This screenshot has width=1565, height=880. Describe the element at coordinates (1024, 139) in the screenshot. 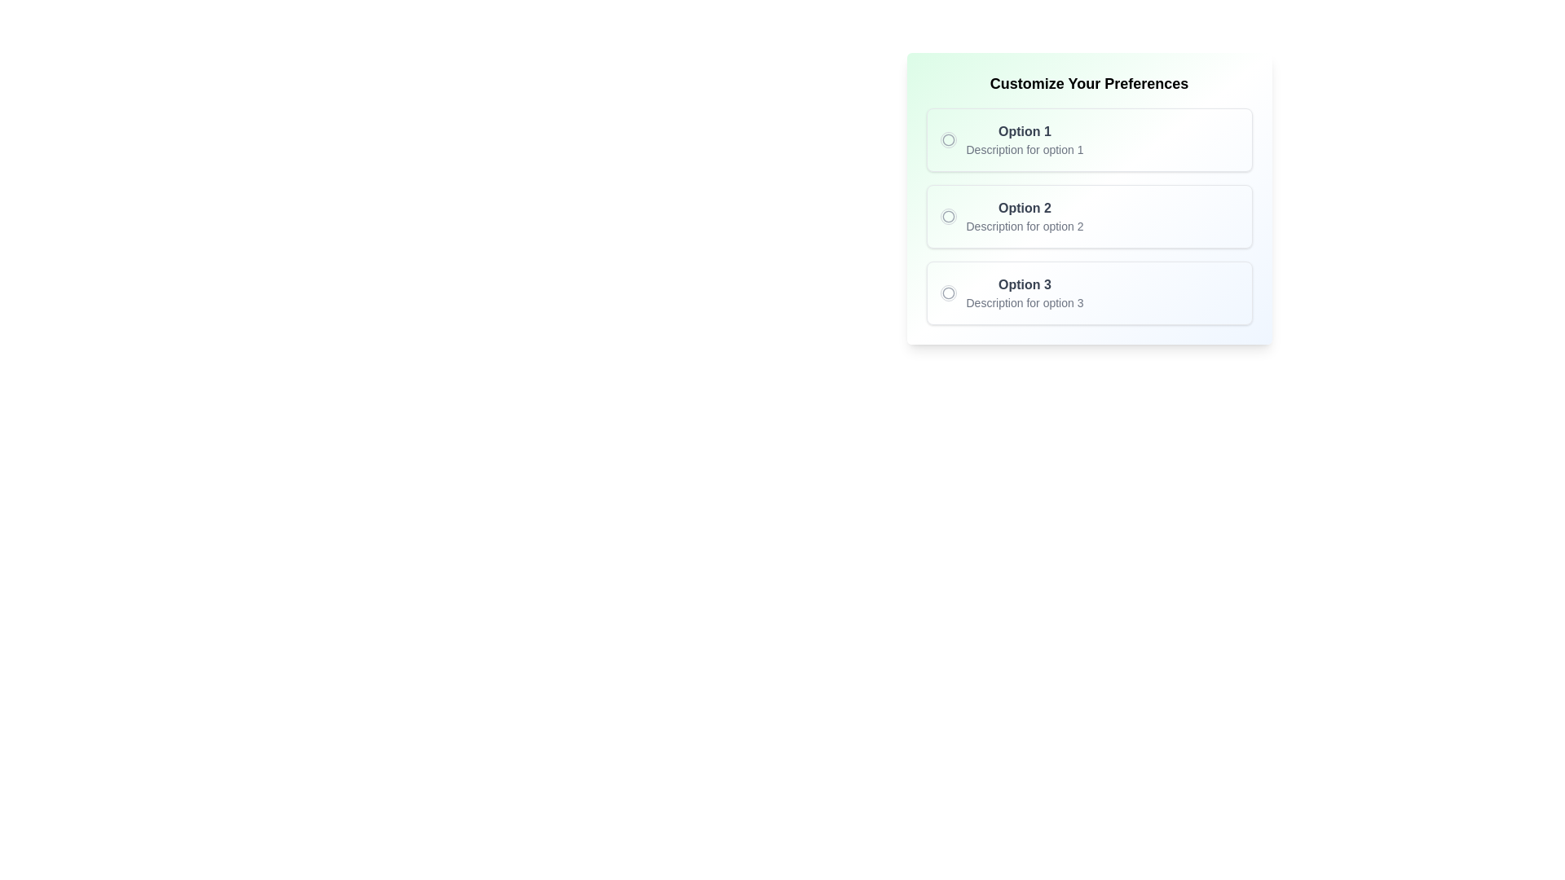

I see `the text area containing the title 'Option 1' and description 'Description for option 1', which is the first of three option boxes at the top of the group` at that location.